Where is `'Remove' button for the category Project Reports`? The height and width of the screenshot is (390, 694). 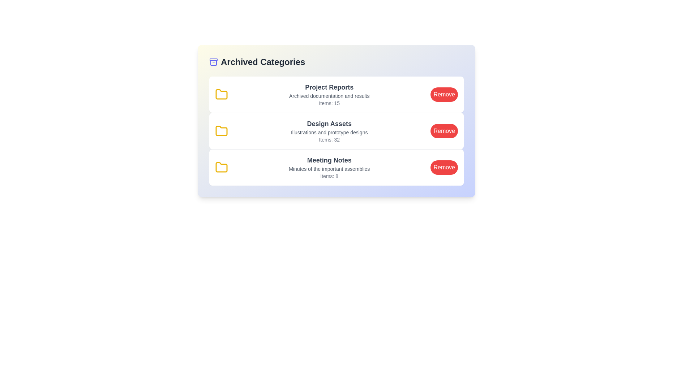 'Remove' button for the category Project Reports is located at coordinates (444, 94).